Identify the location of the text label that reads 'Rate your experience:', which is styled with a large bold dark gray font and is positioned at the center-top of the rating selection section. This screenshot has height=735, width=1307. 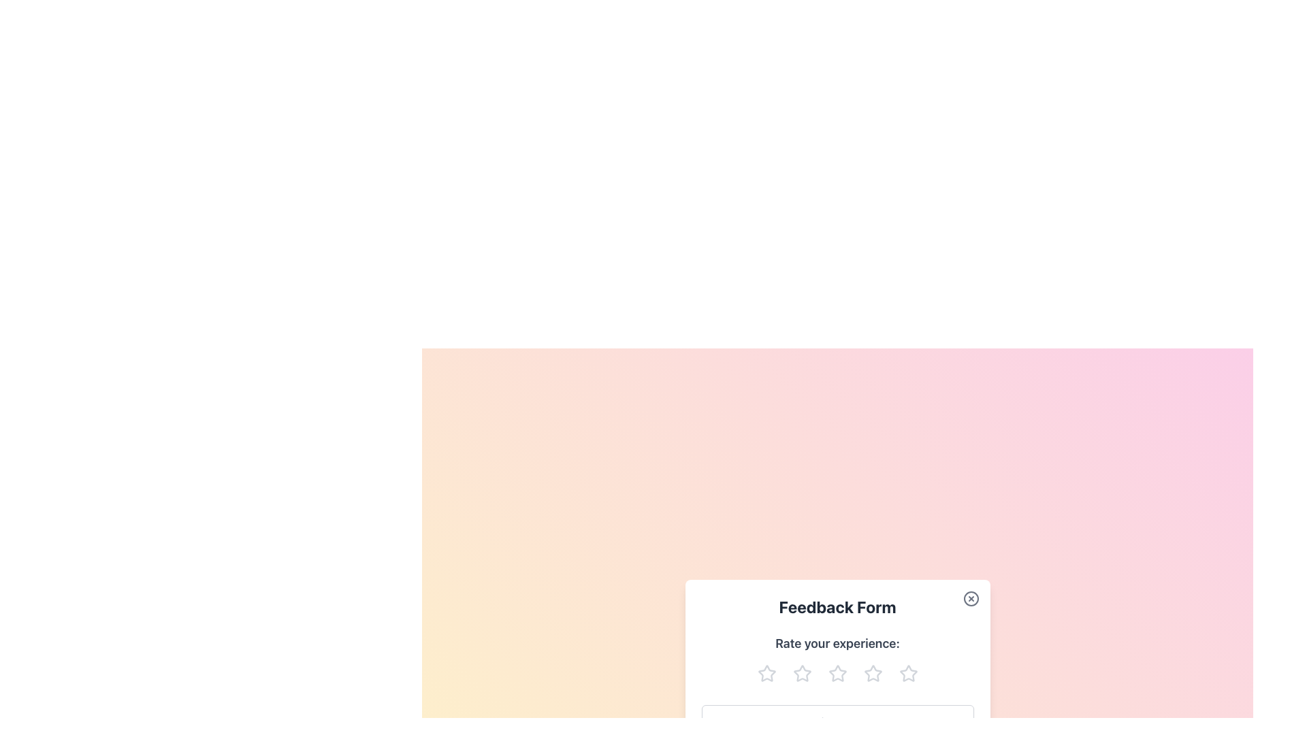
(837, 643).